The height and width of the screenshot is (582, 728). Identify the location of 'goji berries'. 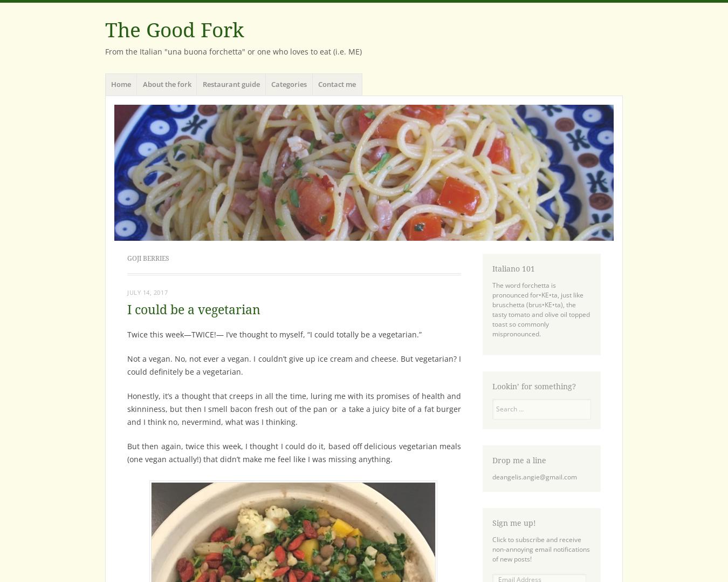
(147, 258).